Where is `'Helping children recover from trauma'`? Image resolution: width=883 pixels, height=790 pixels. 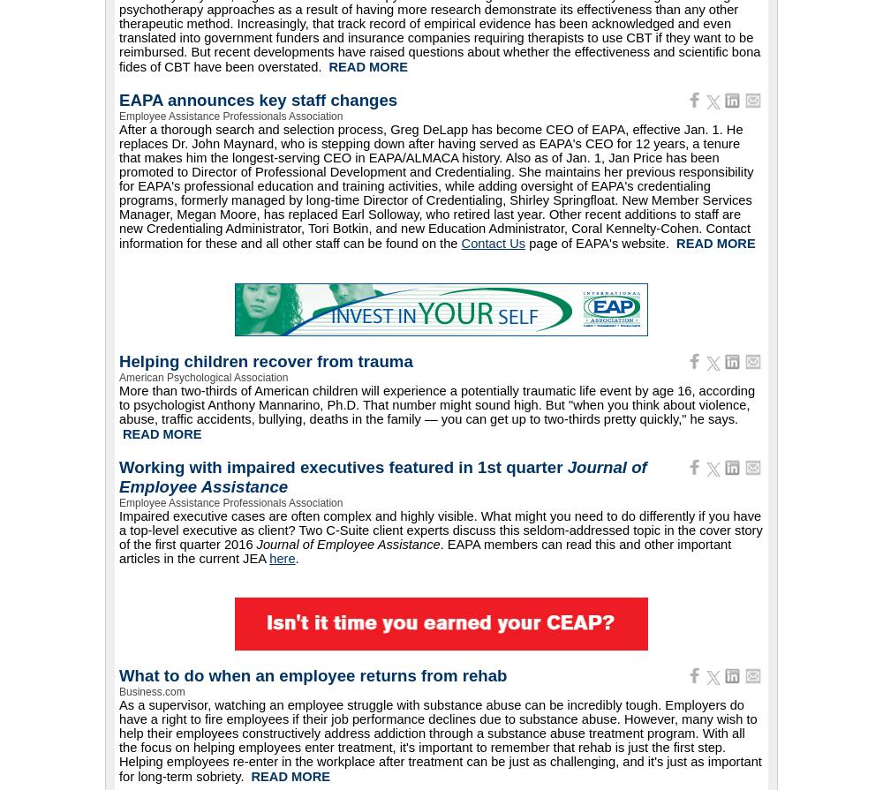 'Helping children recover from trauma' is located at coordinates (266, 361).